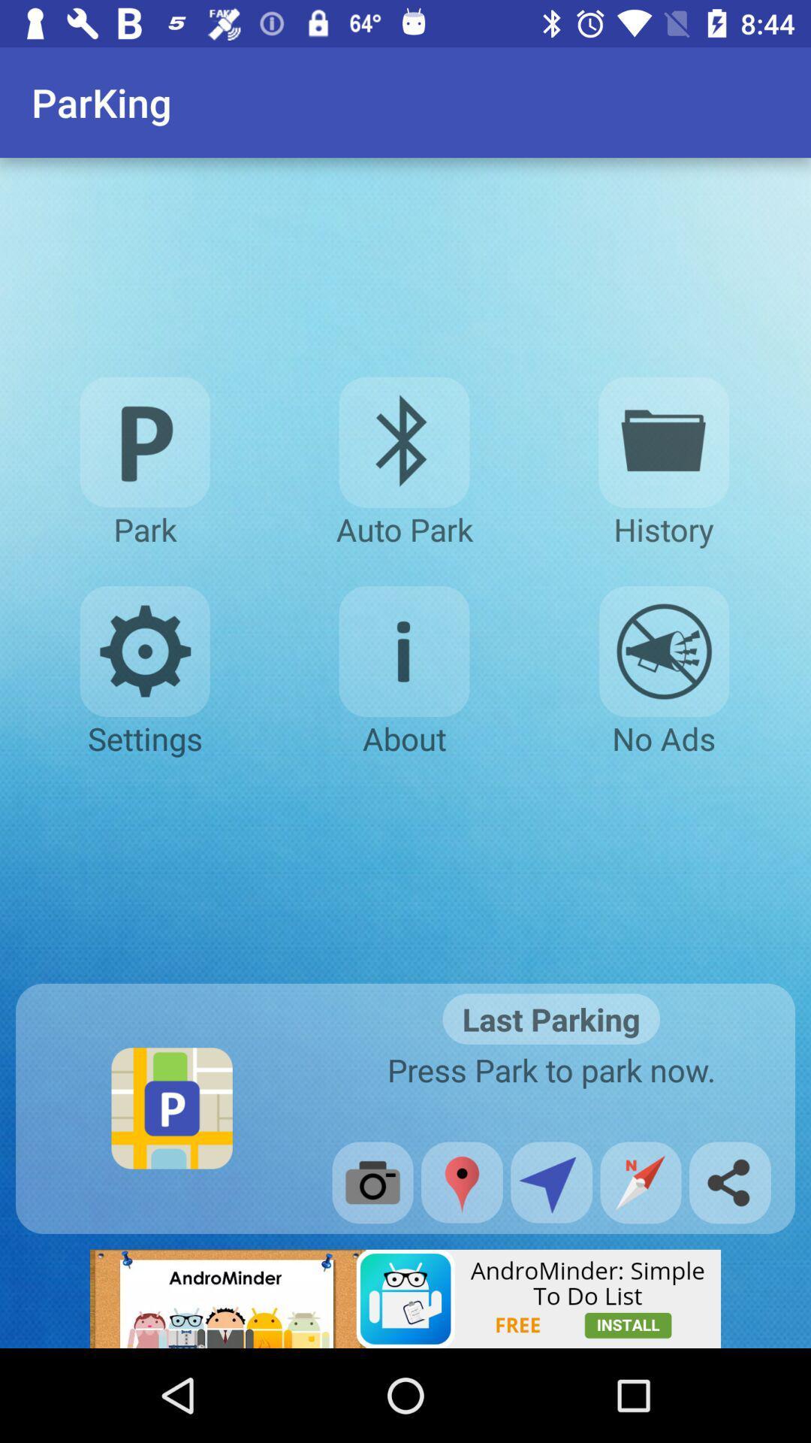 Image resolution: width=811 pixels, height=1443 pixels. I want to click on finding parking icon, so click(145, 441).